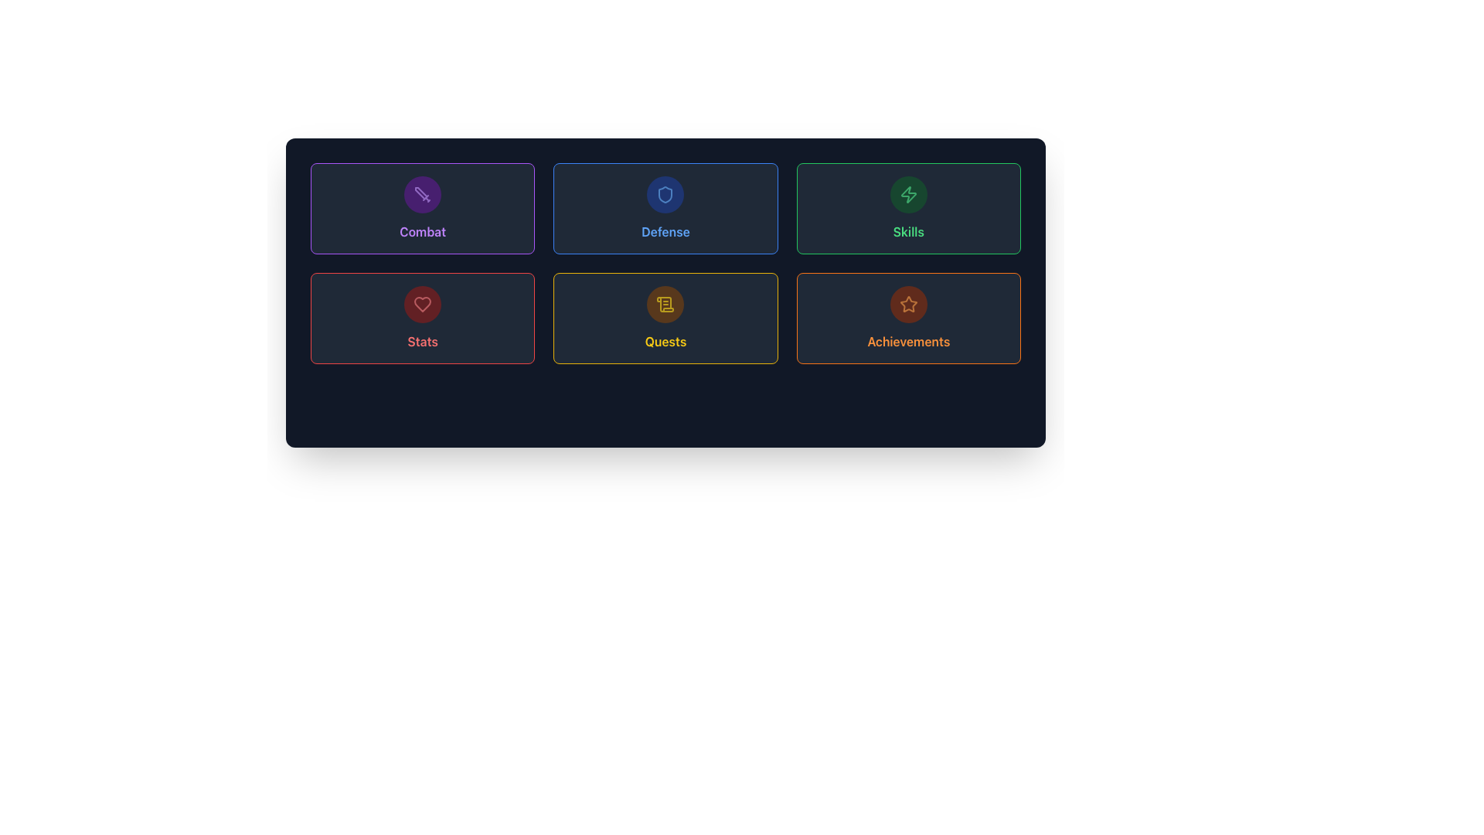 The height and width of the screenshot is (835, 1484). I want to click on the 'Stats' navigation button located in the second row, first column of a 2-row by 3-column grid, directly below the 'Combat' tile, so click(423, 318).